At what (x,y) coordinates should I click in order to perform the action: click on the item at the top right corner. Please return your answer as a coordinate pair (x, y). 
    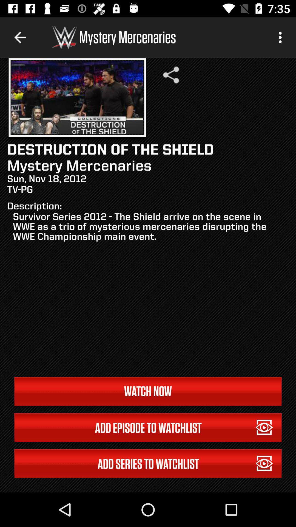
    Looking at the image, I should click on (281, 37).